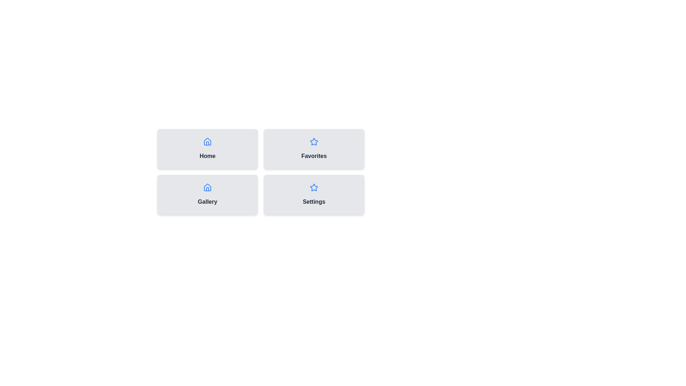  Describe the element at coordinates (207, 187) in the screenshot. I see `the home icon, which is a minimalist house-shaped SVG graphic located in the top-left quadrant of the grid, associated with the 'Home' button` at that location.